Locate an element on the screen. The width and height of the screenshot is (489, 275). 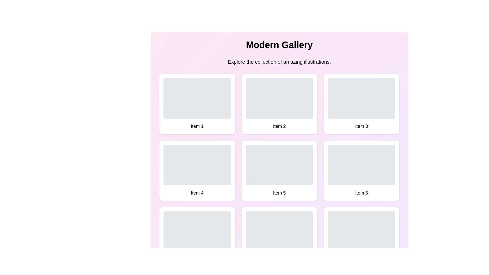
the Text Label positioned below the 'Modern Gallery' heading, which introduces the gallery of illustrations is located at coordinates (279, 62).